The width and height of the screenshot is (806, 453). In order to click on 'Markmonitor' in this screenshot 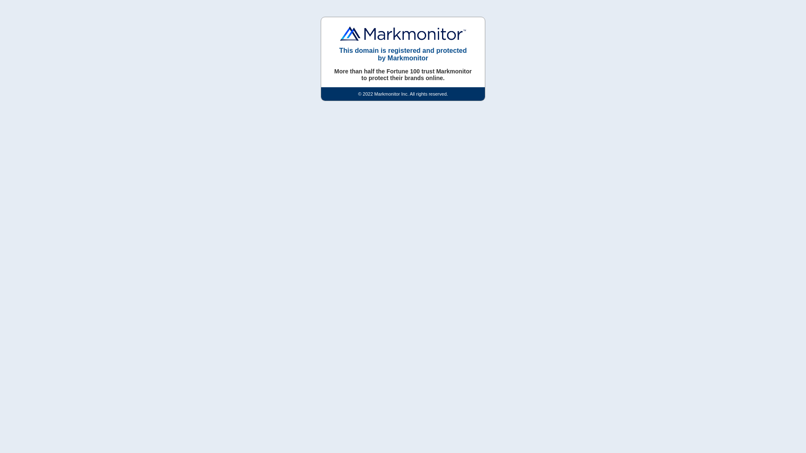, I will do `click(403, 33)`.